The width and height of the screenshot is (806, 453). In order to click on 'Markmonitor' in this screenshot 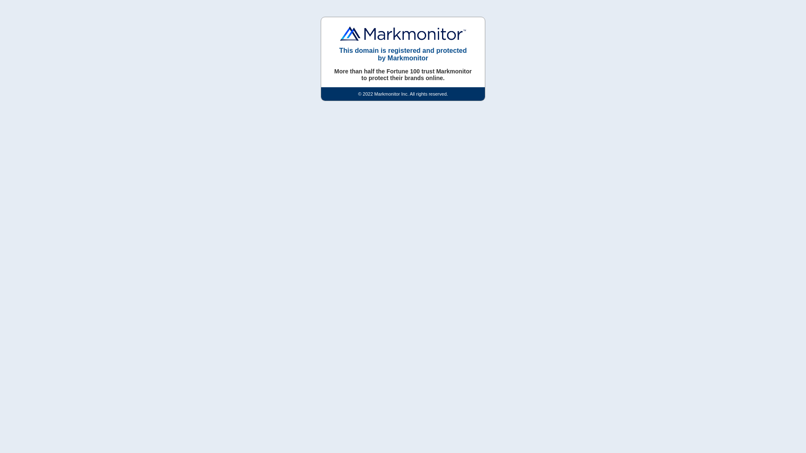, I will do `click(403, 33)`.